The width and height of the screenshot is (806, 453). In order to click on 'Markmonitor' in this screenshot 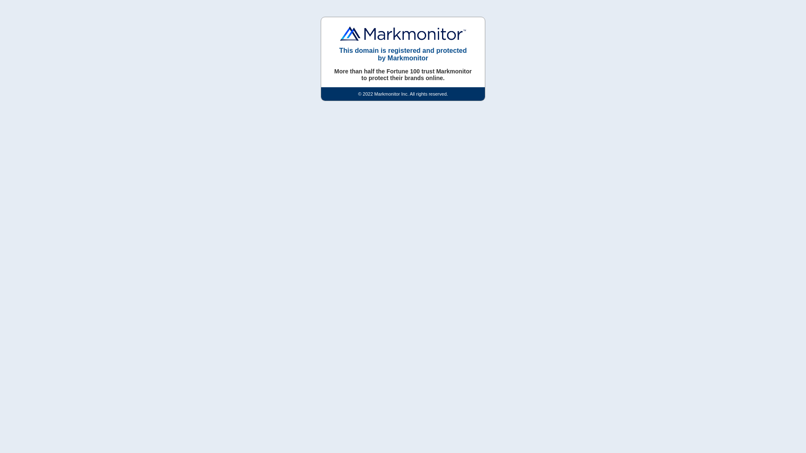, I will do `click(403, 33)`.